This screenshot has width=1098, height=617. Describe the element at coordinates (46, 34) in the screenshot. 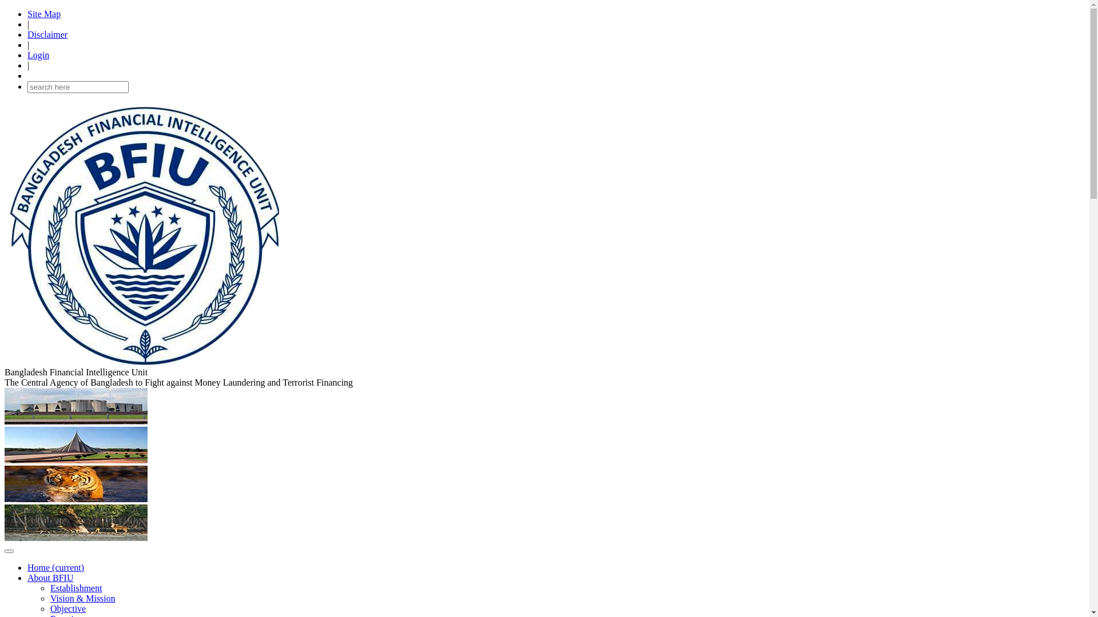

I see `'Disclaimer'` at that location.